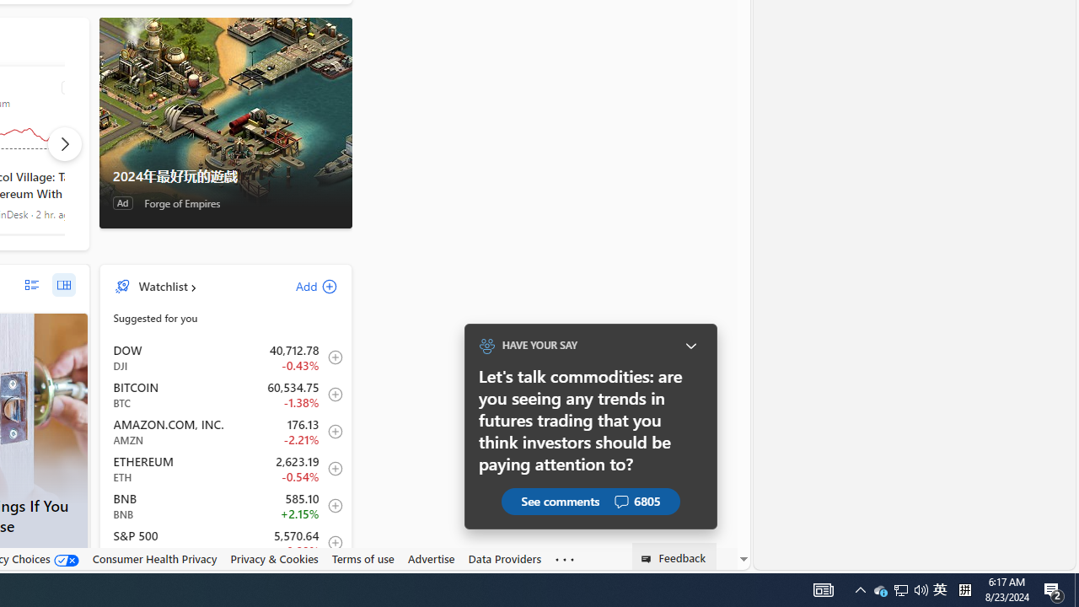 The image size is (1079, 607). Describe the element at coordinates (154, 558) in the screenshot. I see `'Consumer Health Privacy'` at that location.